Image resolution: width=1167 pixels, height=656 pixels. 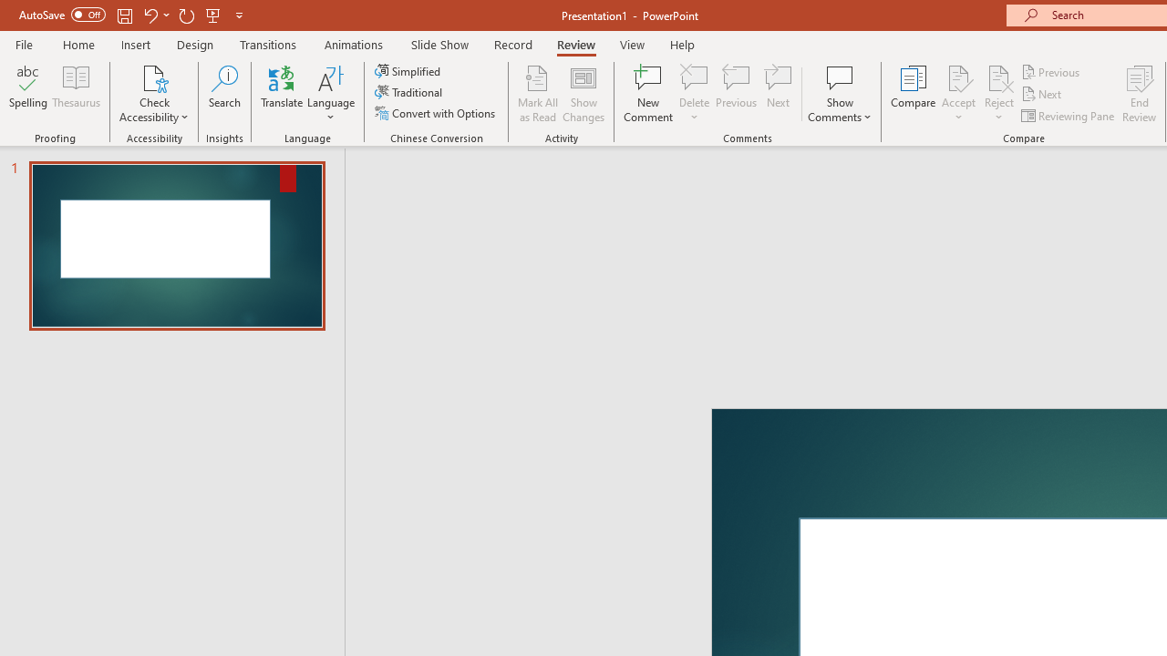 What do you see at coordinates (957, 94) in the screenshot?
I see `'Accept'` at bounding box center [957, 94].